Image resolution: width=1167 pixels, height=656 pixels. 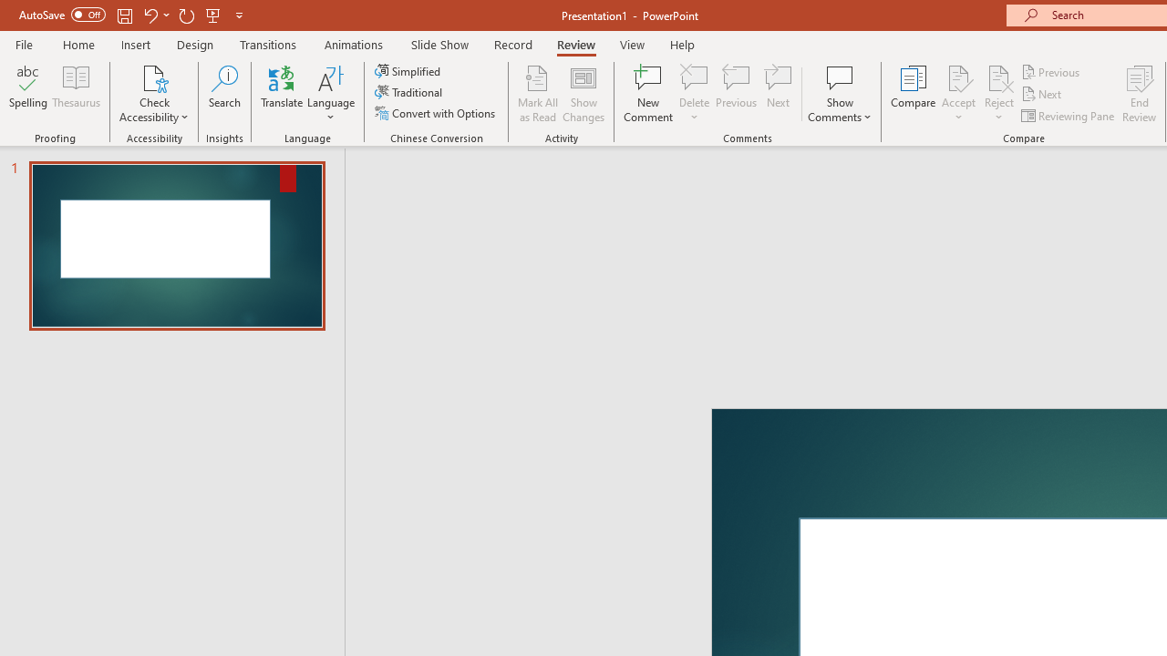 What do you see at coordinates (957, 94) in the screenshot?
I see `'Accept'` at bounding box center [957, 94].